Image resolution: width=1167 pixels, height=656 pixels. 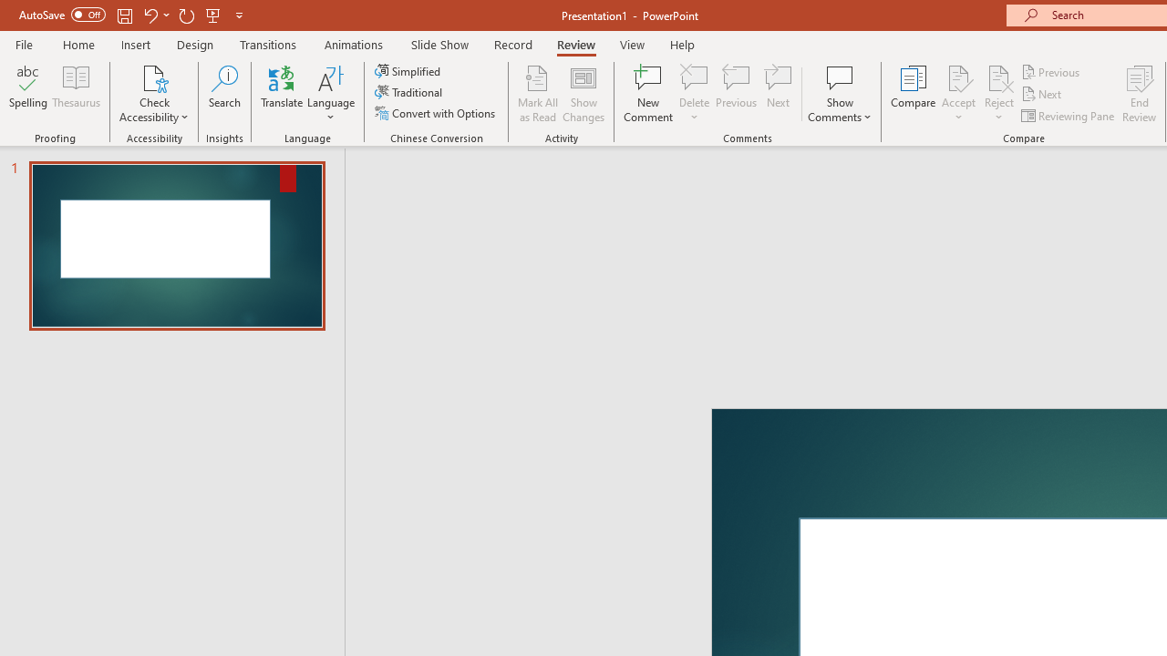 What do you see at coordinates (957, 94) in the screenshot?
I see `'Accept'` at bounding box center [957, 94].